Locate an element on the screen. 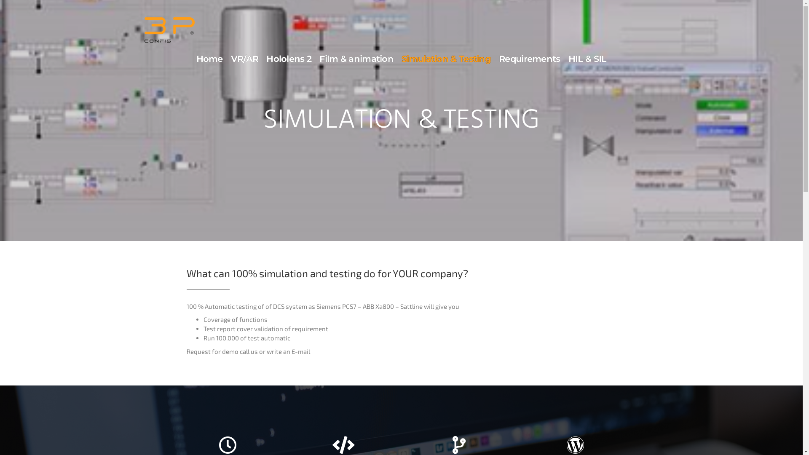  '3pconfig' is located at coordinates (169, 29).